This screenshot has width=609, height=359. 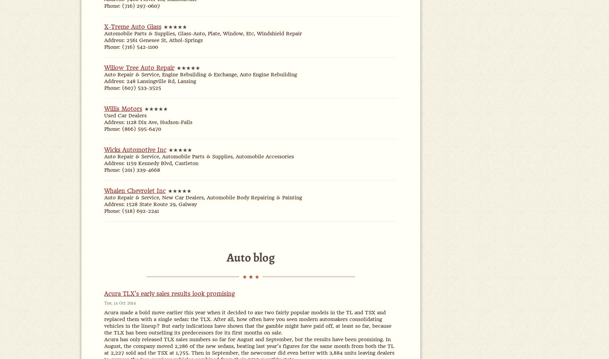 What do you see at coordinates (131, 210) in the screenshot?
I see `'Phone: (518) 692-2241'` at bounding box center [131, 210].